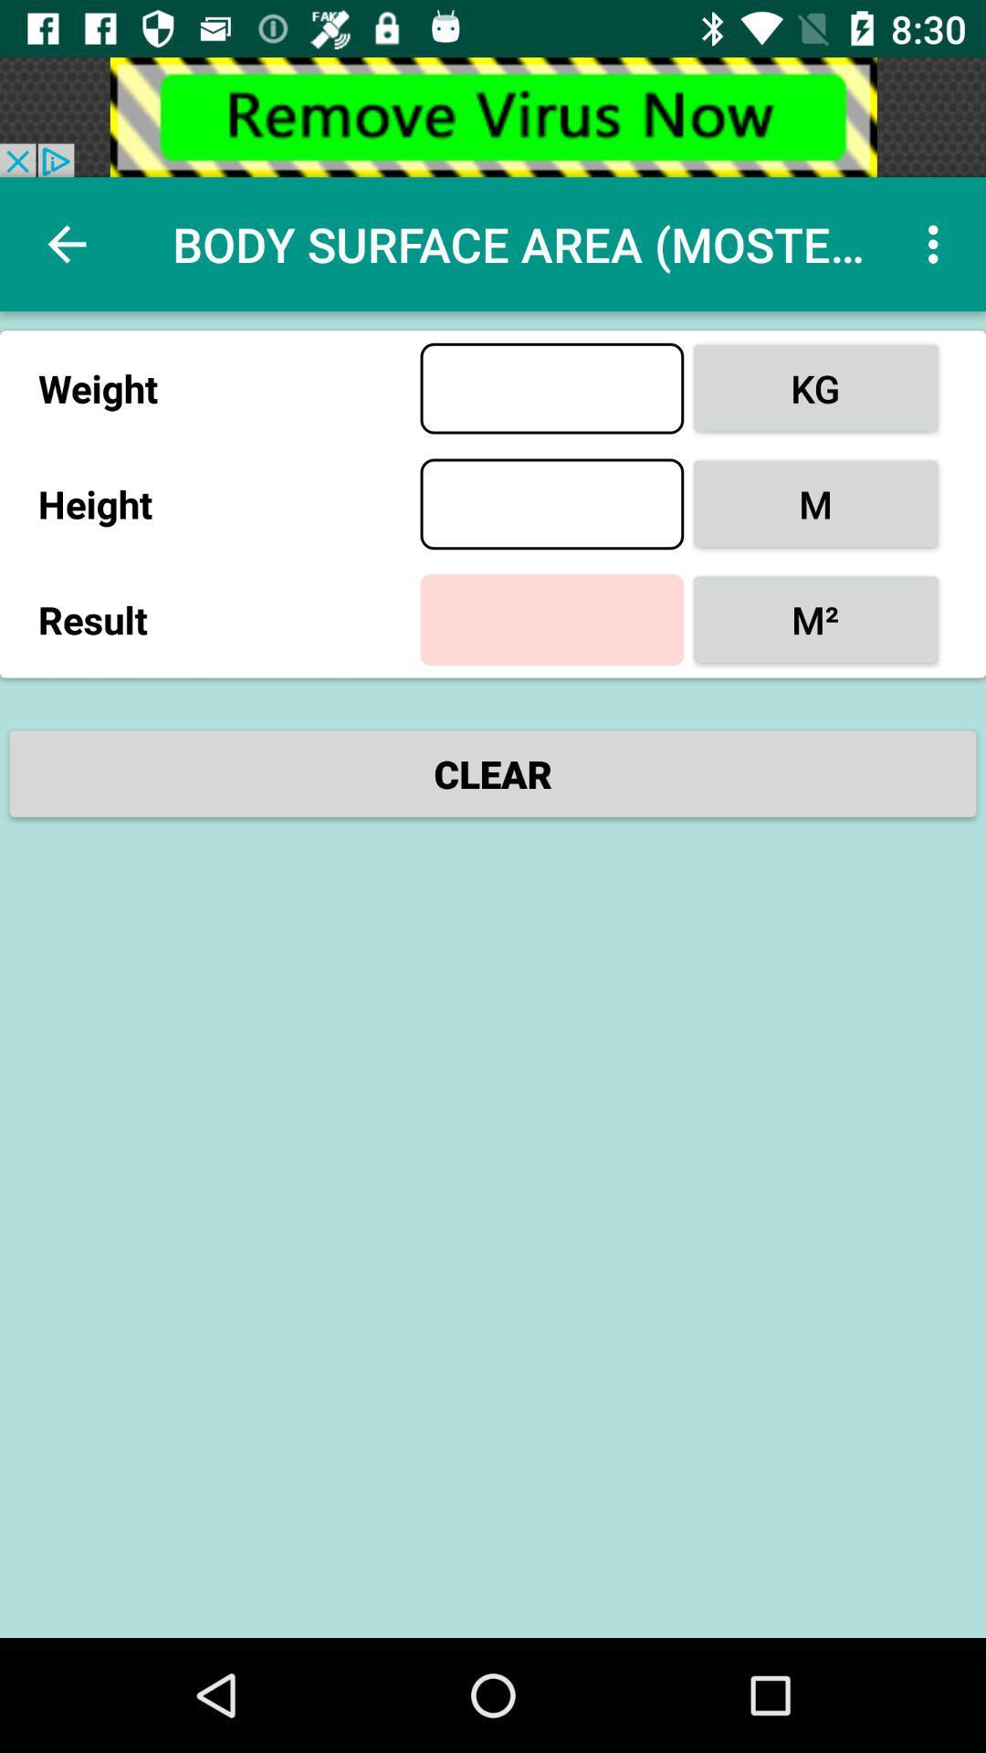 This screenshot has height=1753, width=986. Describe the element at coordinates (551, 504) in the screenshot. I see `insert for height` at that location.